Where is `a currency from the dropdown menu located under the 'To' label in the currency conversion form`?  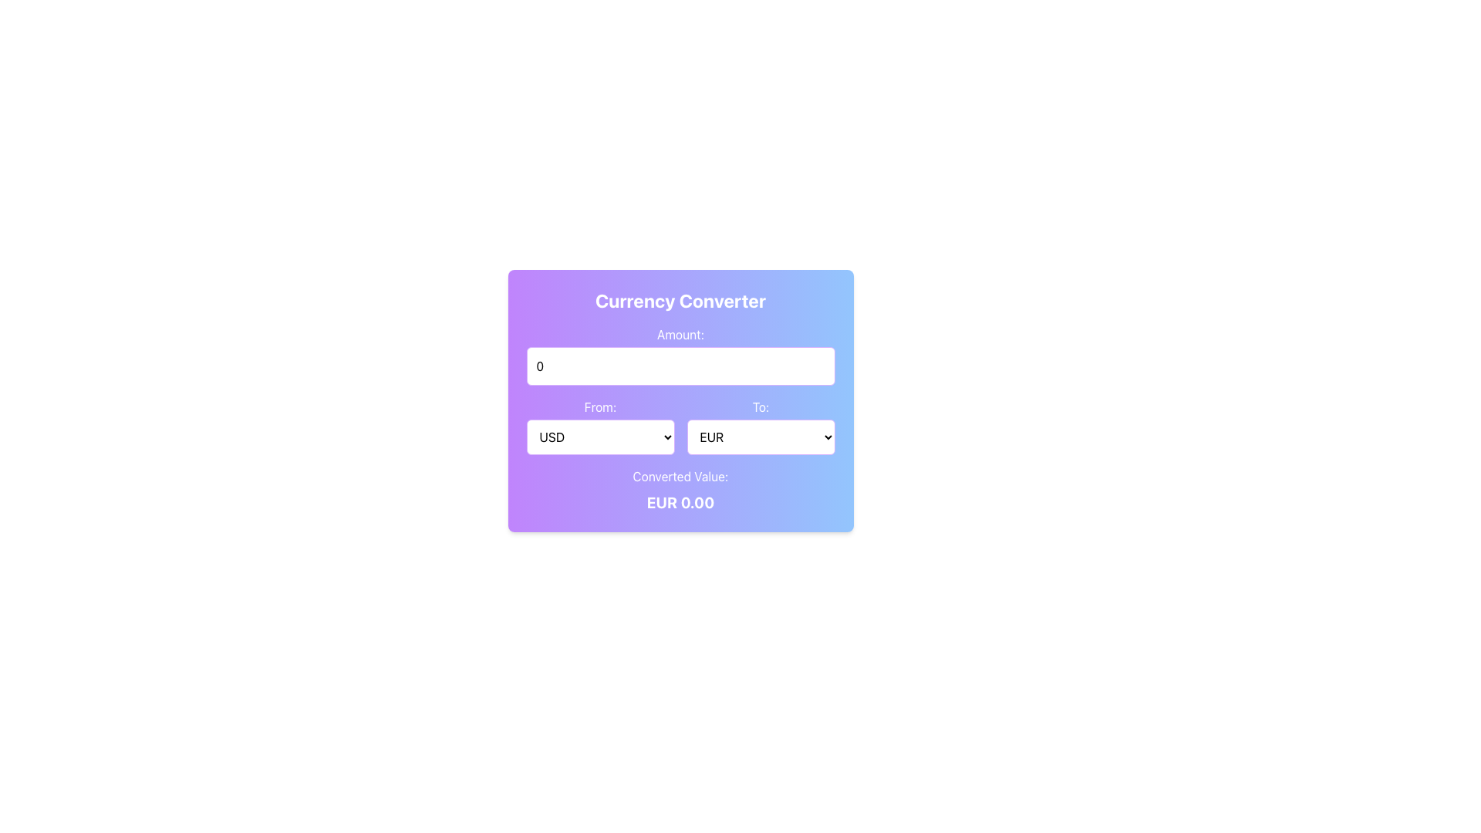
a currency from the dropdown menu located under the 'To' label in the currency conversion form is located at coordinates (761, 426).